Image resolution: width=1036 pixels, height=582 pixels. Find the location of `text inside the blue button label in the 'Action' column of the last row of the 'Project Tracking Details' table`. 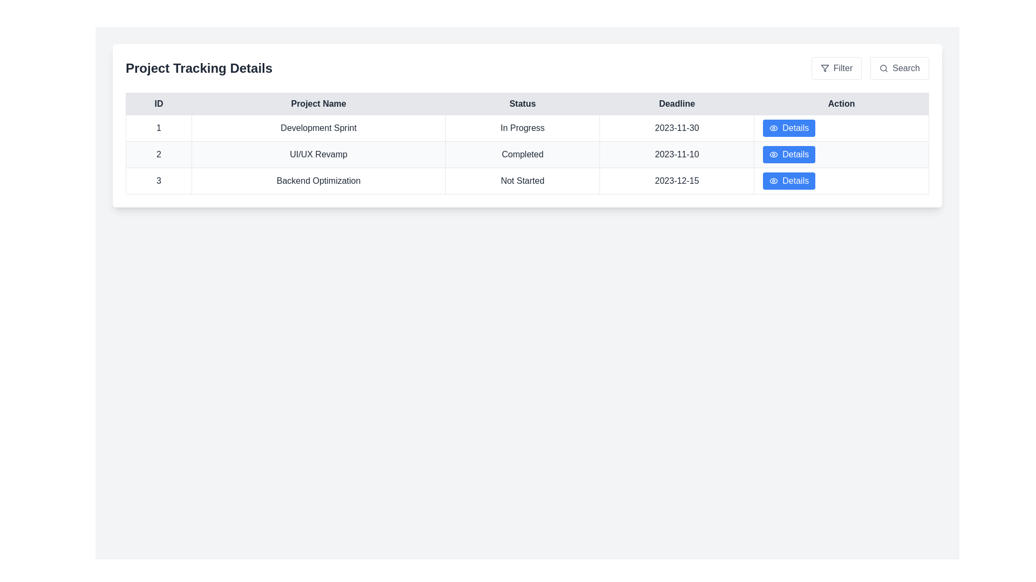

text inside the blue button label in the 'Action' column of the last row of the 'Project Tracking Details' table is located at coordinates (795, 180).